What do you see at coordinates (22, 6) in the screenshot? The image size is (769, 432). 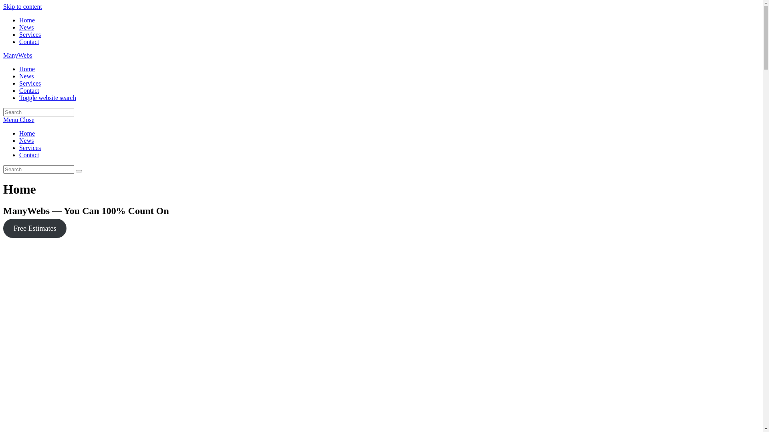 I see `'Skip to content'` at bounding box center [22, 6].